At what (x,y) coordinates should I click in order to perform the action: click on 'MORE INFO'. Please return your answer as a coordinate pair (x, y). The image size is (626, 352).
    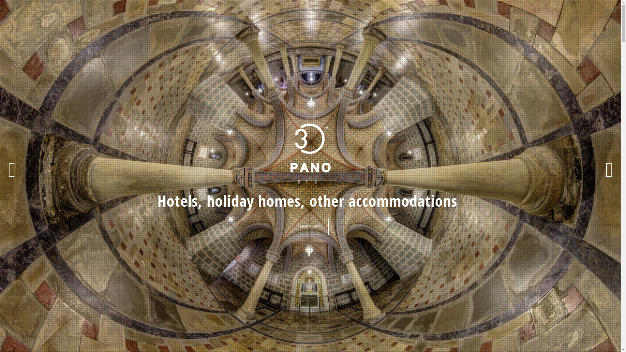
    Looking at the image, I should click on (310, 227).